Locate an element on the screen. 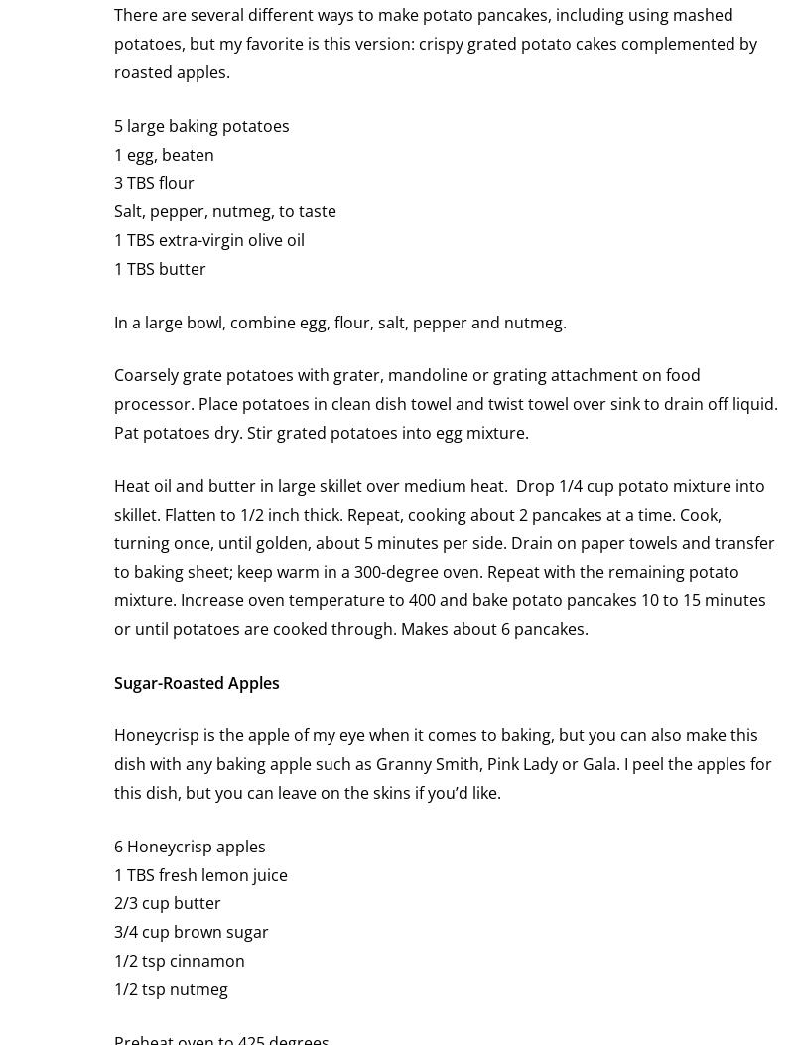  'Coarsely grate potatoes with grater, mandoline or grating attachment on food processor. Place potatoes in clean dish towel and twist towel over sink to drain off liquid. Pat potatoes dry. Stir grated potatoes into egg mixture.' is located at coordinates (445, 403).